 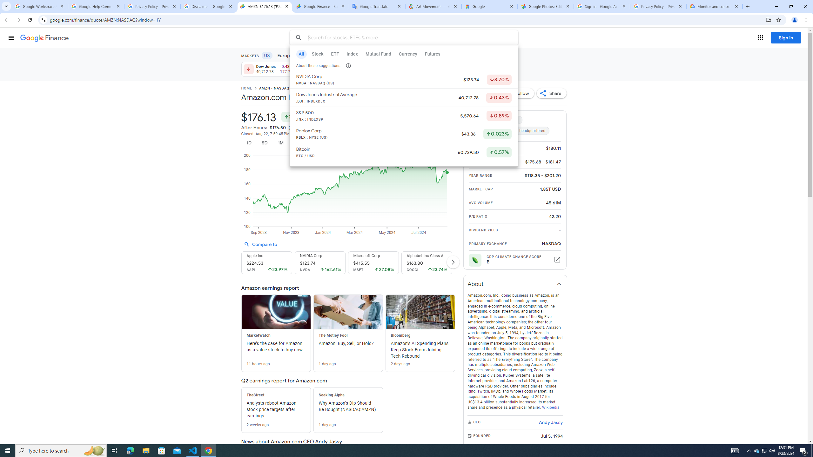 What do you see at coordinates (602, 6) in the screenshot?
I see `'Sign in - Google Accounts'` at bounding box center [602, 6].